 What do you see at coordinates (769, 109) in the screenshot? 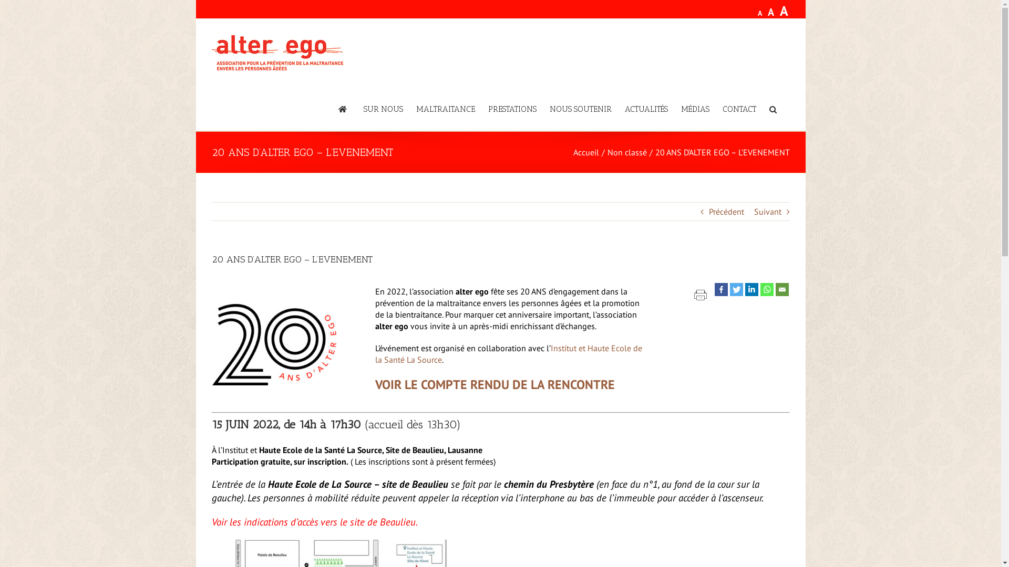
I see `'Recherche'` at bounding box center [769, 109].